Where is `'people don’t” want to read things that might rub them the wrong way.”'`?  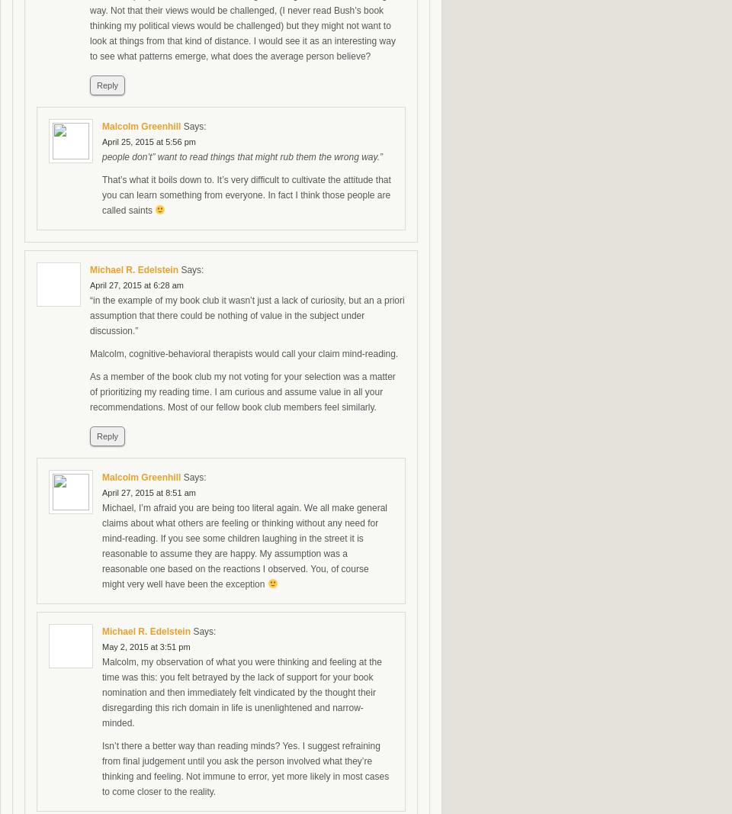 'people don’t” want to read things that might rub them the wrong way.”' is located at coordinates (242, 157).